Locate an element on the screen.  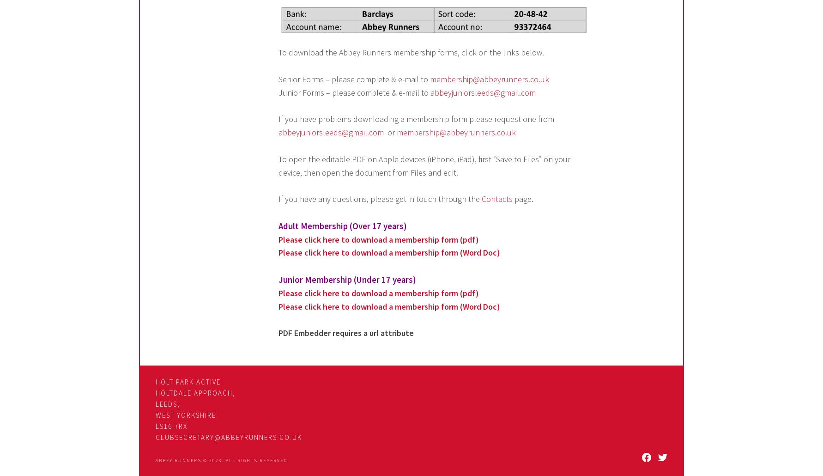
'LS16 7RX' is located at coordinates (171, 426).